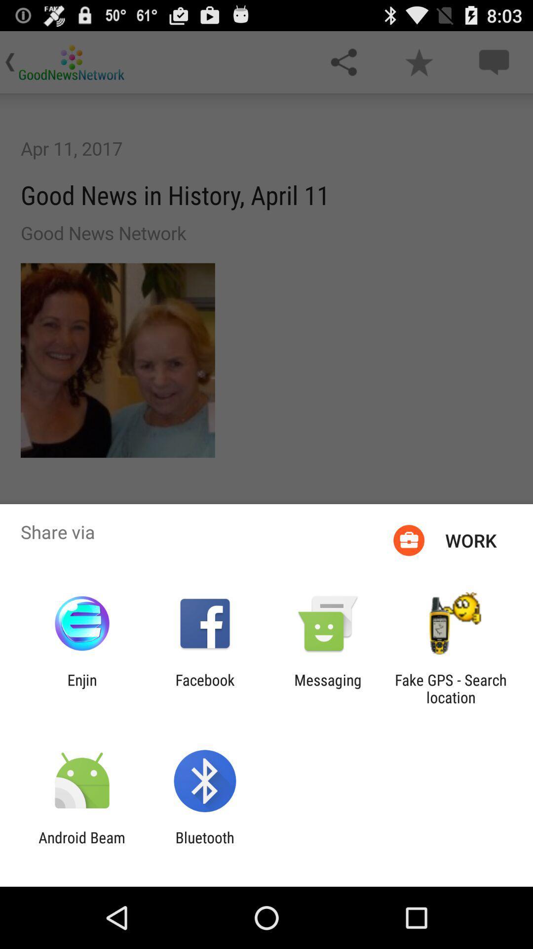 The width and height of the screenshot is (533, 949). What do you see at coordinates (81, 688) in the screenshot?
I see `icon next to facebook icon` at bounding box center [81, 688].